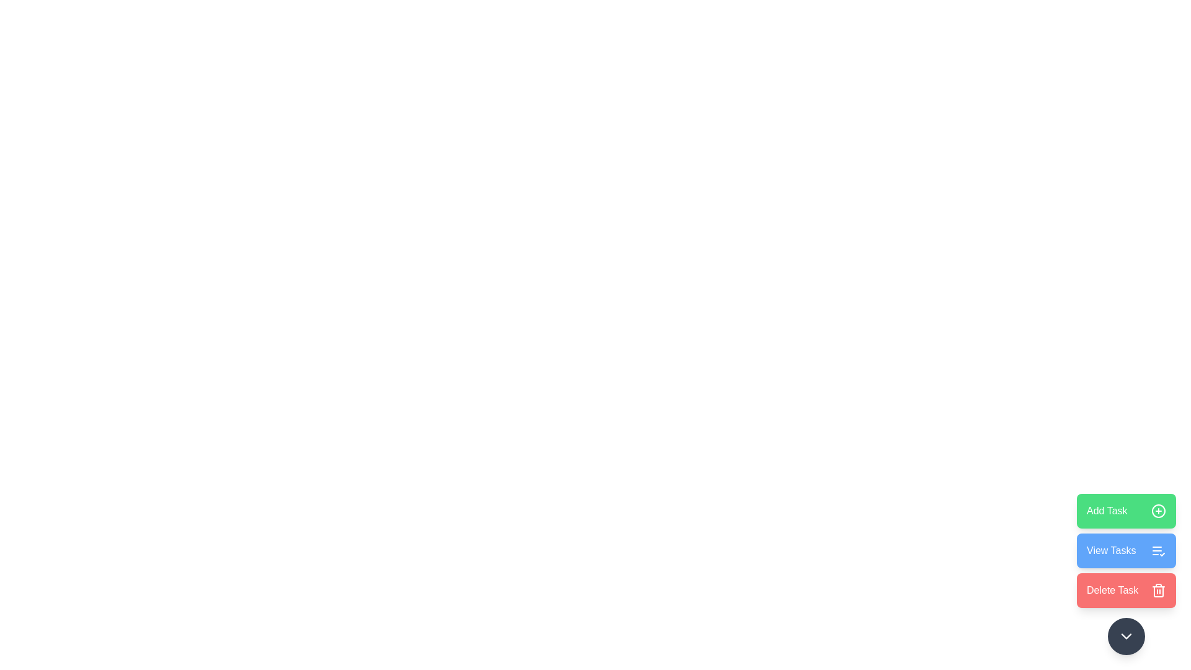 The width and height of the screenshot is (1191, 670). What do you see at coordinates (1126, 511) in the screenshot?
I see `the 'Add Task' button` at bounding box center [1126, 511].